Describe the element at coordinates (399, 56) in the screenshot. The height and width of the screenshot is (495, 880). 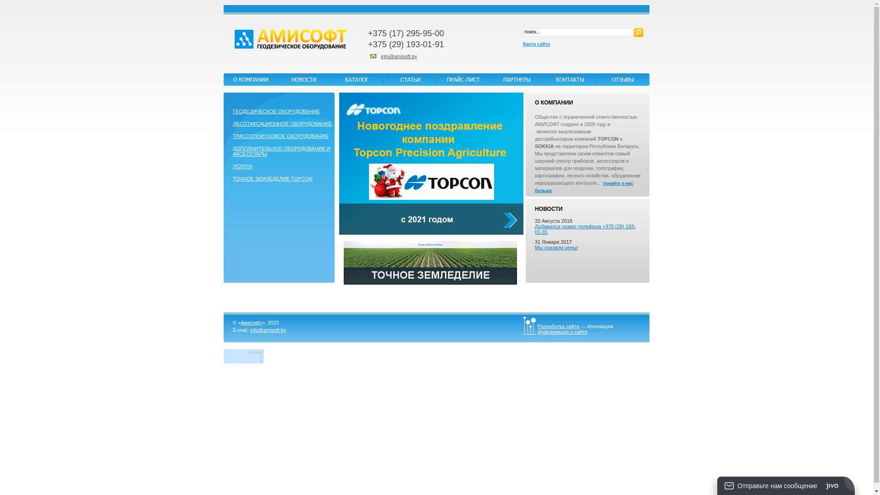
I see `'info@amisoft.by'` at that location.